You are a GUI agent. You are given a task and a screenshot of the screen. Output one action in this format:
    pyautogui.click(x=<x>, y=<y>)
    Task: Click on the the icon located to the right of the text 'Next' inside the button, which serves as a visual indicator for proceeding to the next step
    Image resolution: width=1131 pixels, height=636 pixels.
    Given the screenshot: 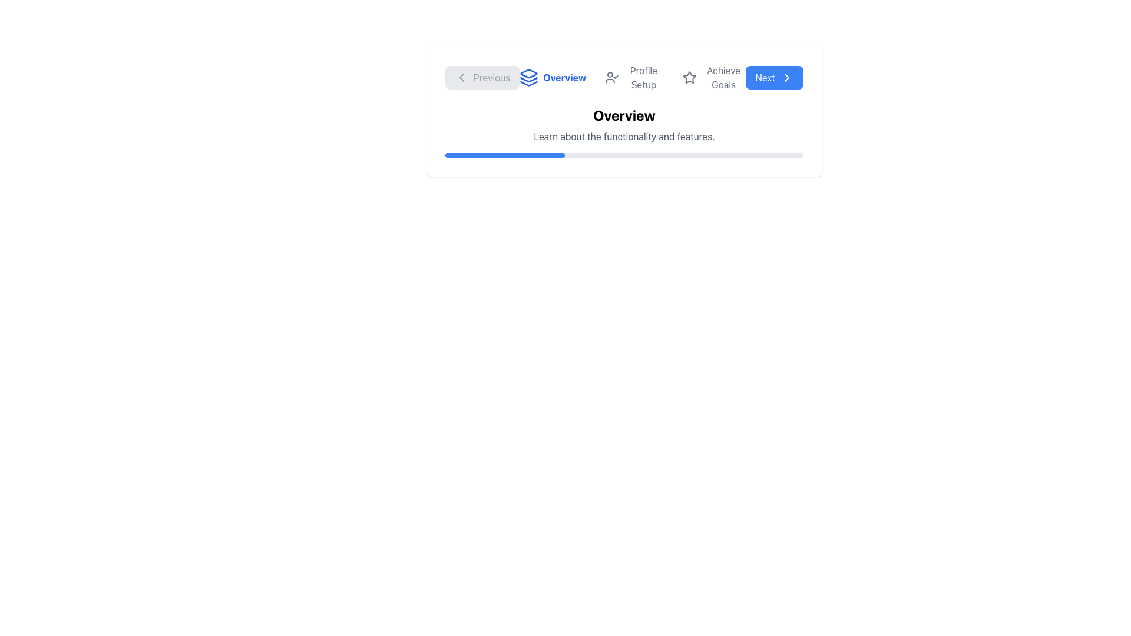 What is the action you would take?
    pyautogui.click(x=786, y=77)
    